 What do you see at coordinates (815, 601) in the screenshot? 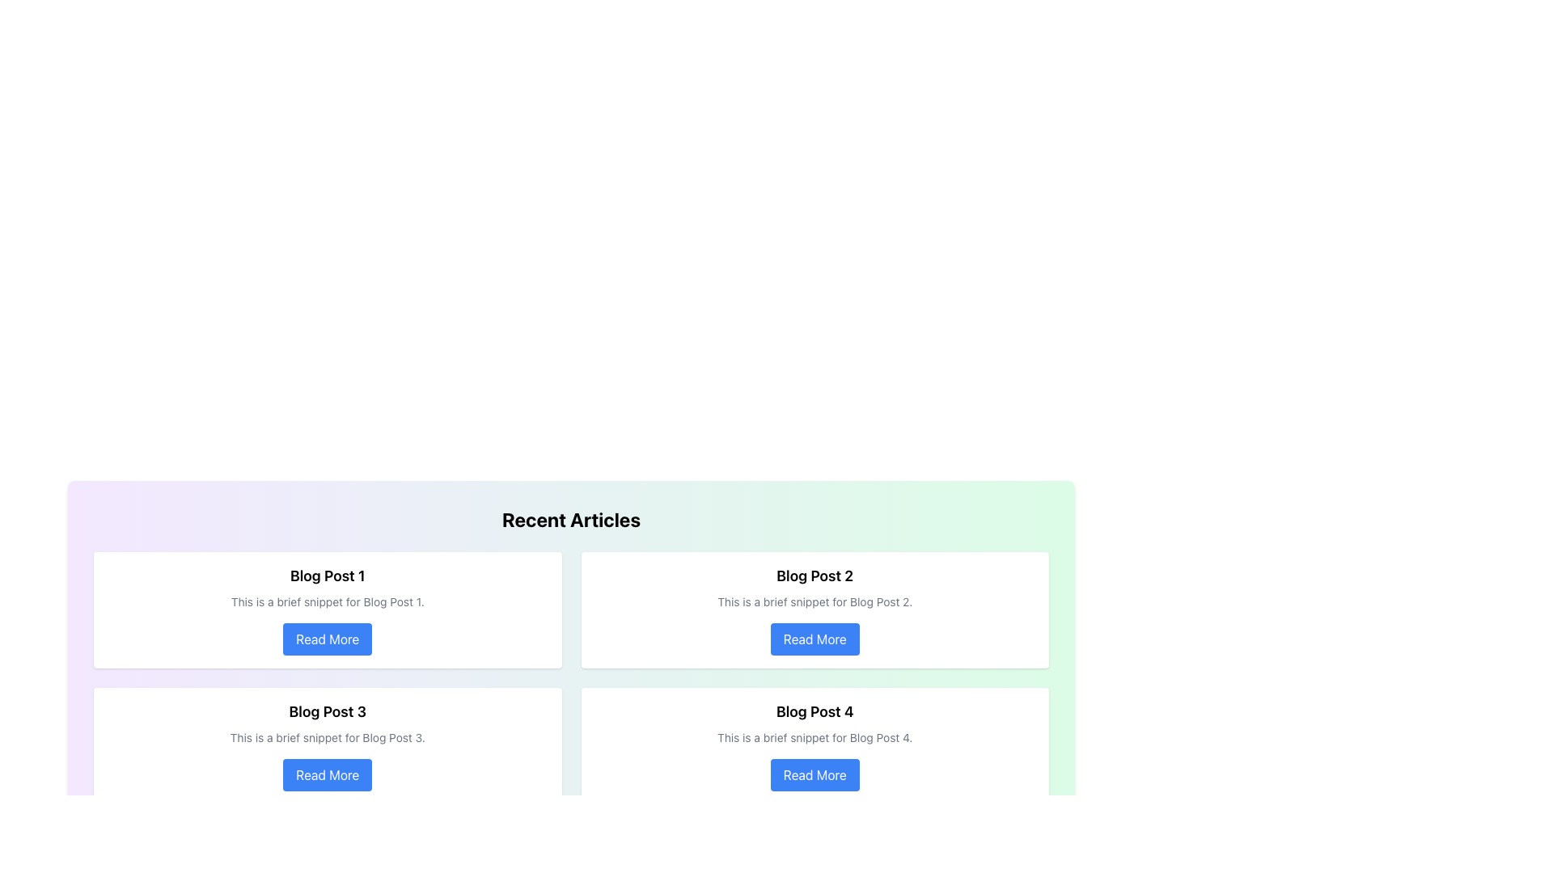
I see `the text element providing a brief description for 'Blog Post 2', which is located below the title and above the 'Read More' button in the card layout` at bounding box center [815, 601].